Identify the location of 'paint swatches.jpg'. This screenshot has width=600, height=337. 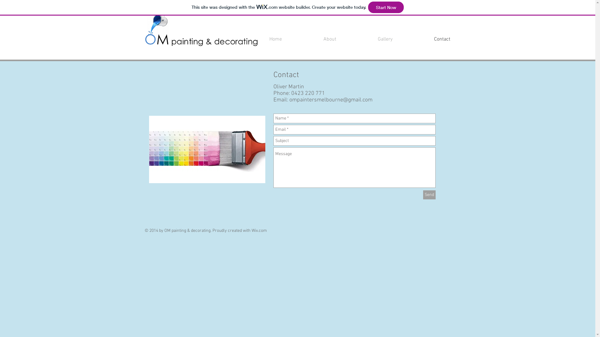
(207, 149).